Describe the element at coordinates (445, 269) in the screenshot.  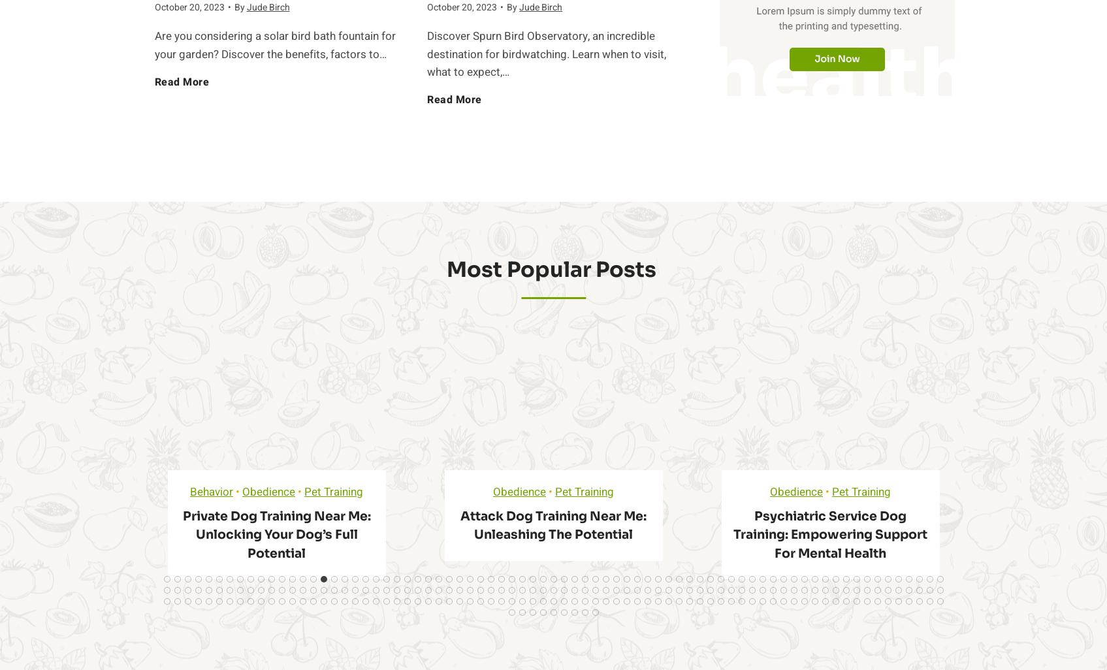
I see `'Most Popular Posts ​'` at that location.